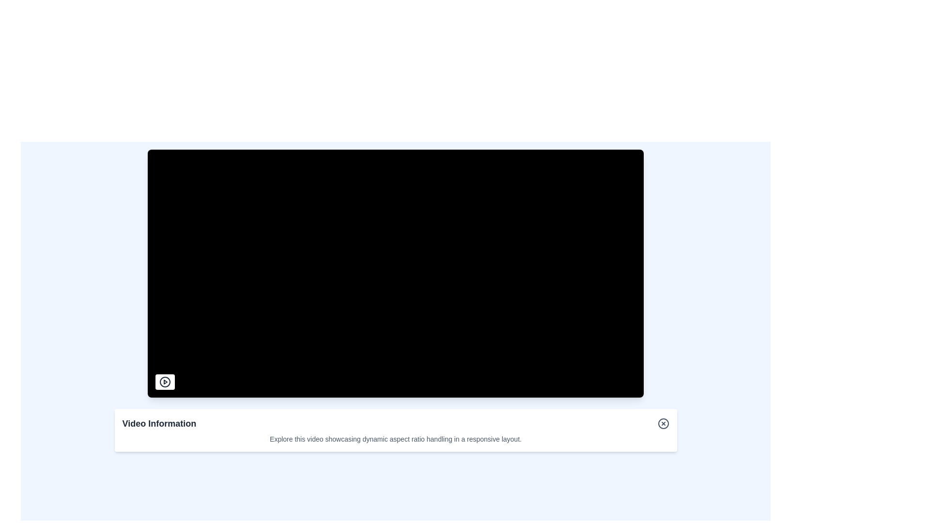 The height and width of the screenshot is (523, 930). What do you see at coordinates (165, 382) in the screenshot?
I see `the play button, a circular icon with a triangular play symbol, located in the bottom-left corner of the video frame` at bounding box center [165, 382].